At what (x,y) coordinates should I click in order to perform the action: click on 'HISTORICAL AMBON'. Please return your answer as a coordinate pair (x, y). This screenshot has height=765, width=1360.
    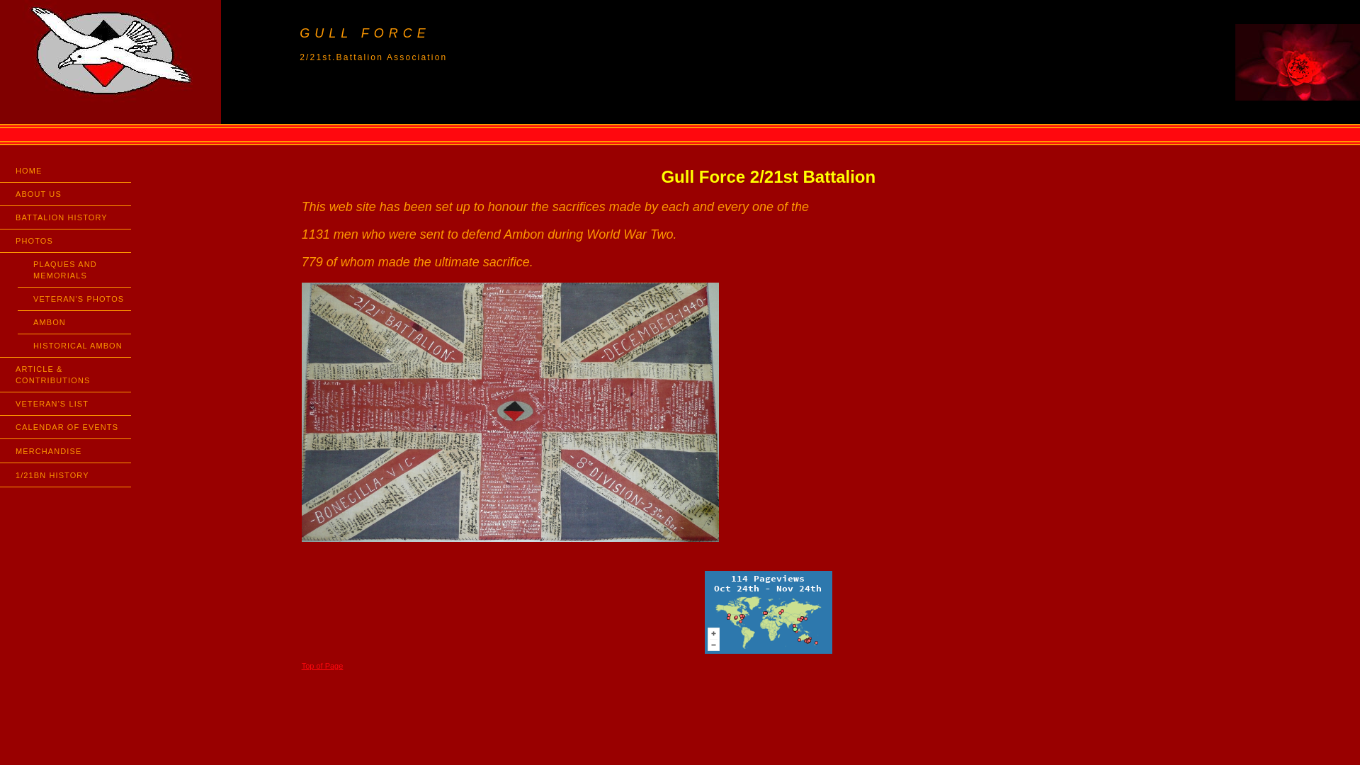
    Looking at the image, I should click on (17, 346).